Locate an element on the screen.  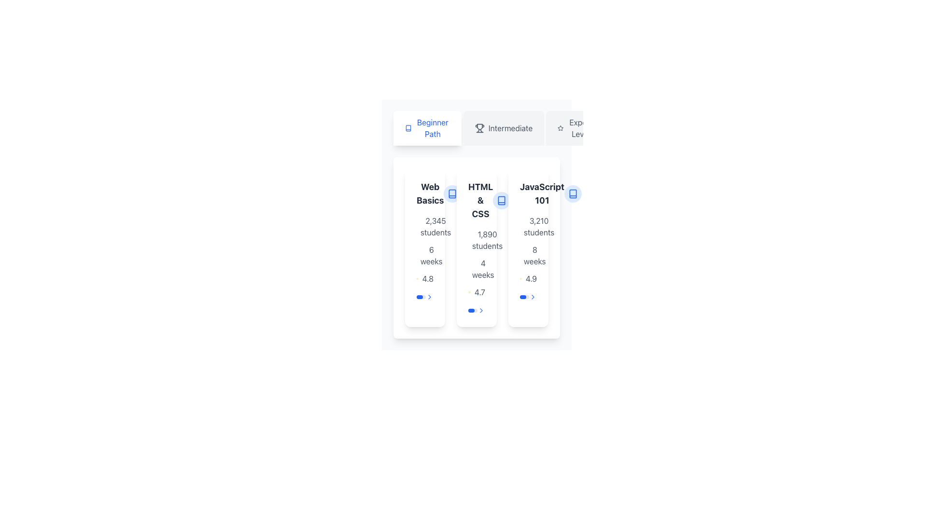
content displayed in the informational display containing '1,890 students', '4 weeks', and '4.7' with their respective icons, located within the 'HTML & CSS' card is located at coordinates (477, 263).